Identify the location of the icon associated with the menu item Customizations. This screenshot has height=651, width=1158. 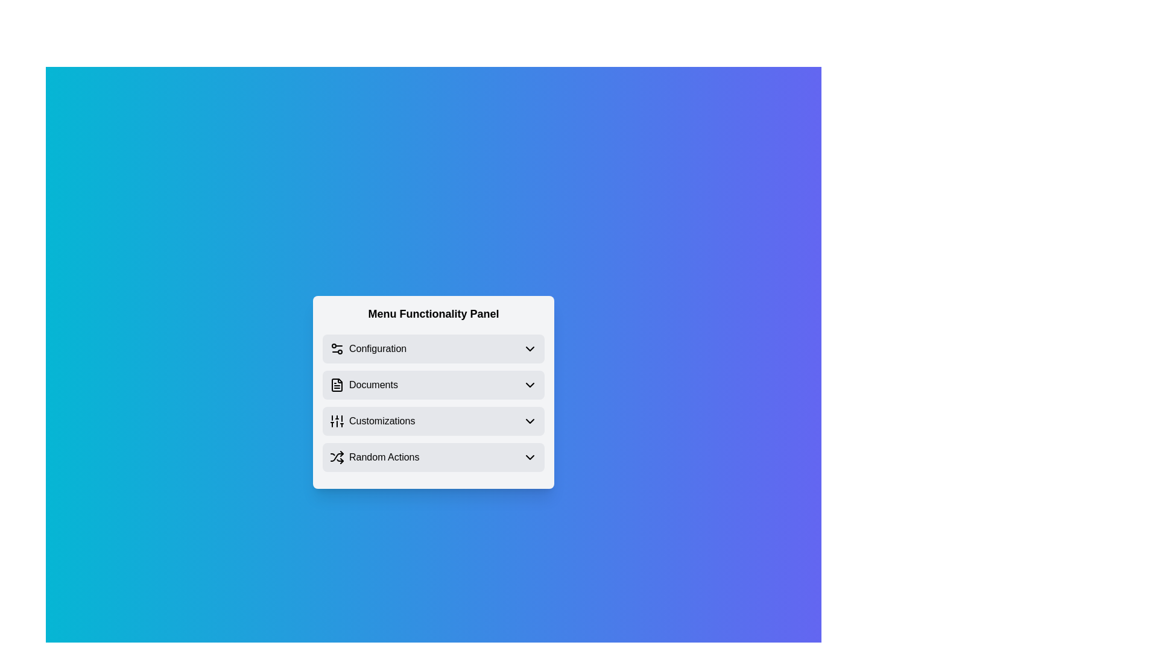
(337, 420).